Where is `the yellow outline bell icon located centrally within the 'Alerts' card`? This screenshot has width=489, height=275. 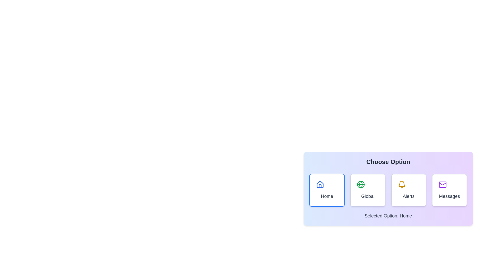
the yellow outline bell icon located centrally within the 'Alerts' card is located at coordinates (401, 185).